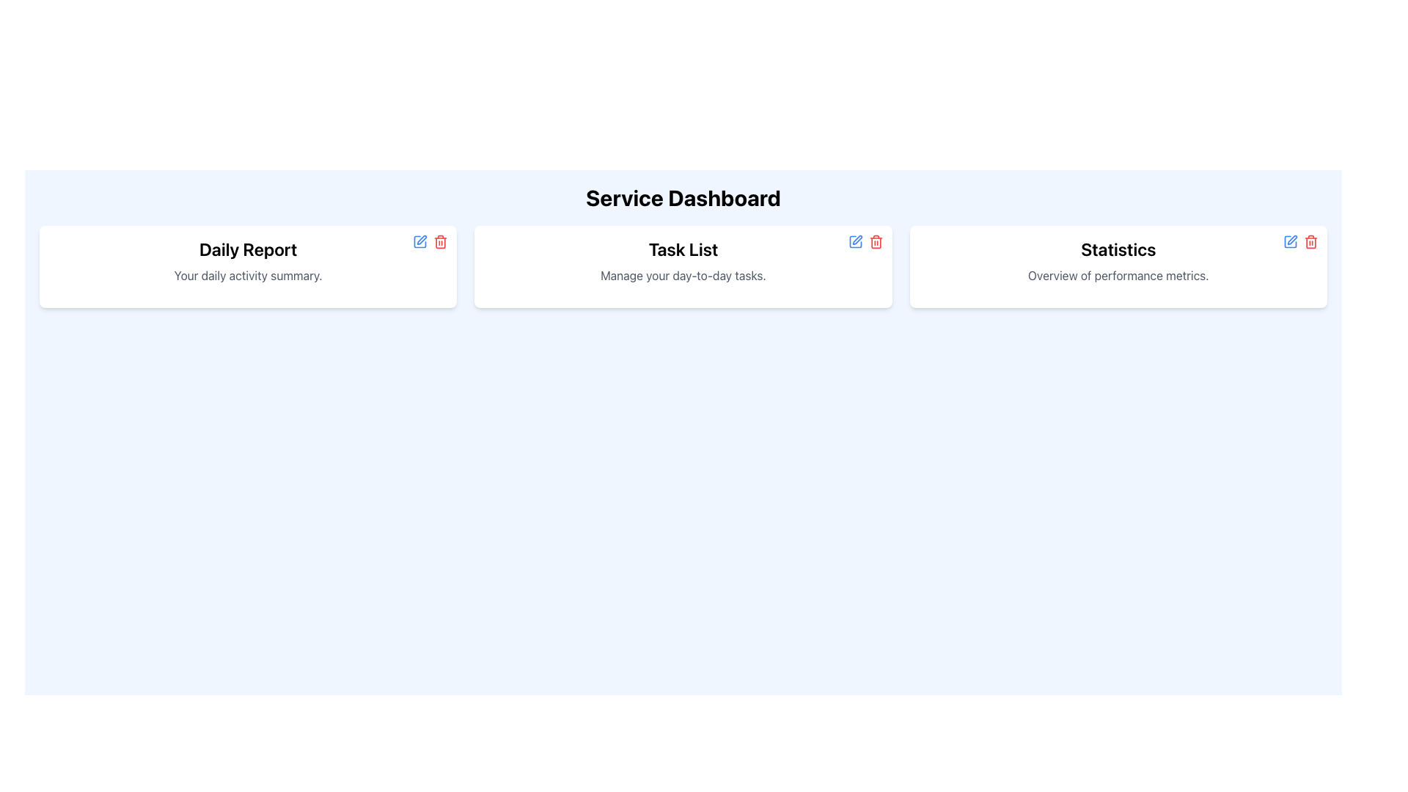 Image resolution: width=1408 pixels, height=792 pixels. I want to click on the delete button located at the top-right corner of the 'Daily Report' card, so click(440, 241).